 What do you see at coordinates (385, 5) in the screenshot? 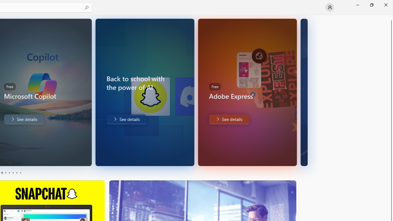
I see `'Close Microsoft Store'` at bounding box center [385, 5].